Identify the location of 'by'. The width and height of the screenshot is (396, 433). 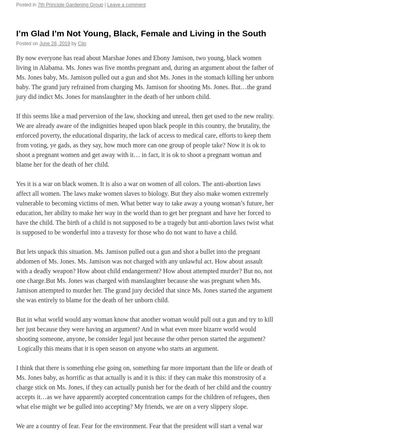
(74, 43).